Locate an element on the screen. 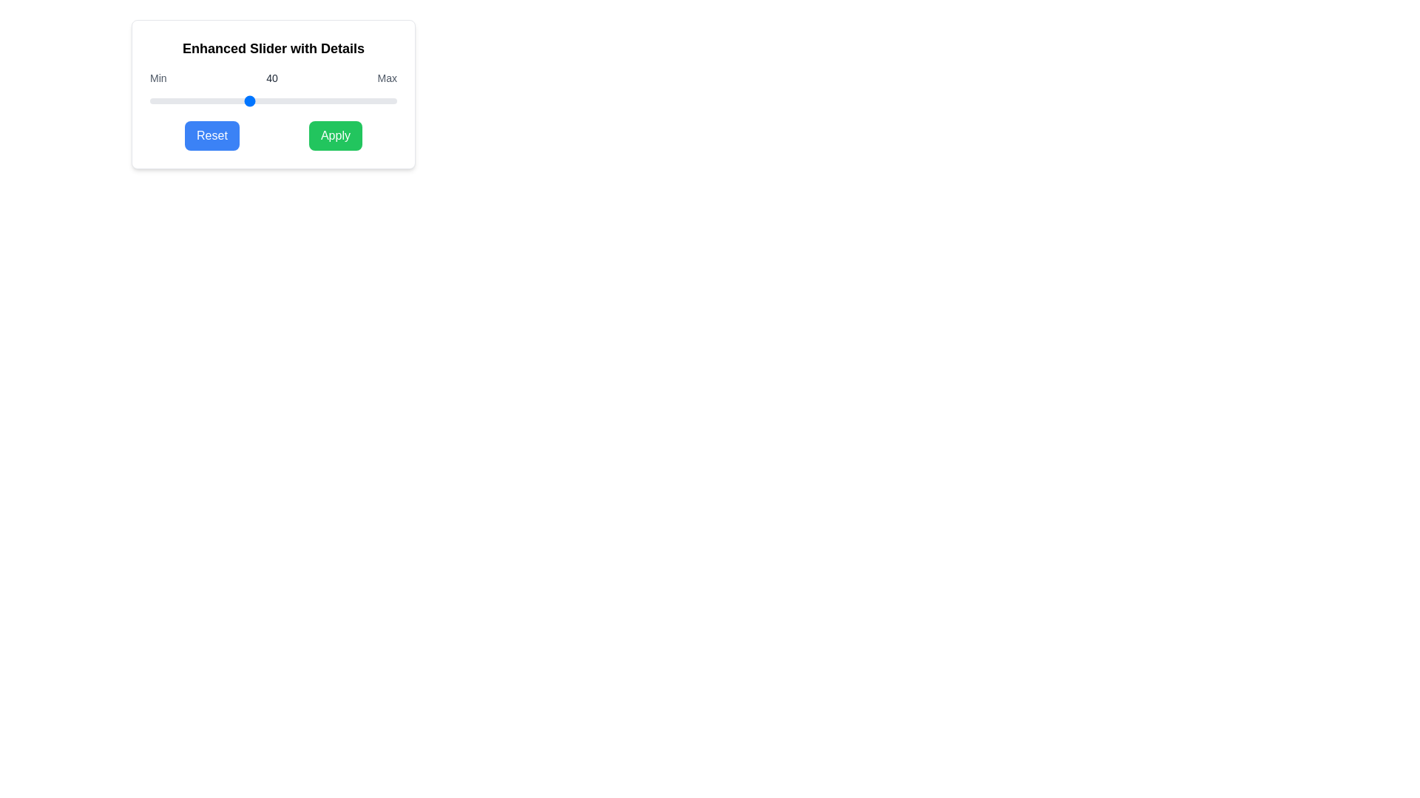 This screenshot has height=798, width=1420. the slider is located at coordinates (355, 100).